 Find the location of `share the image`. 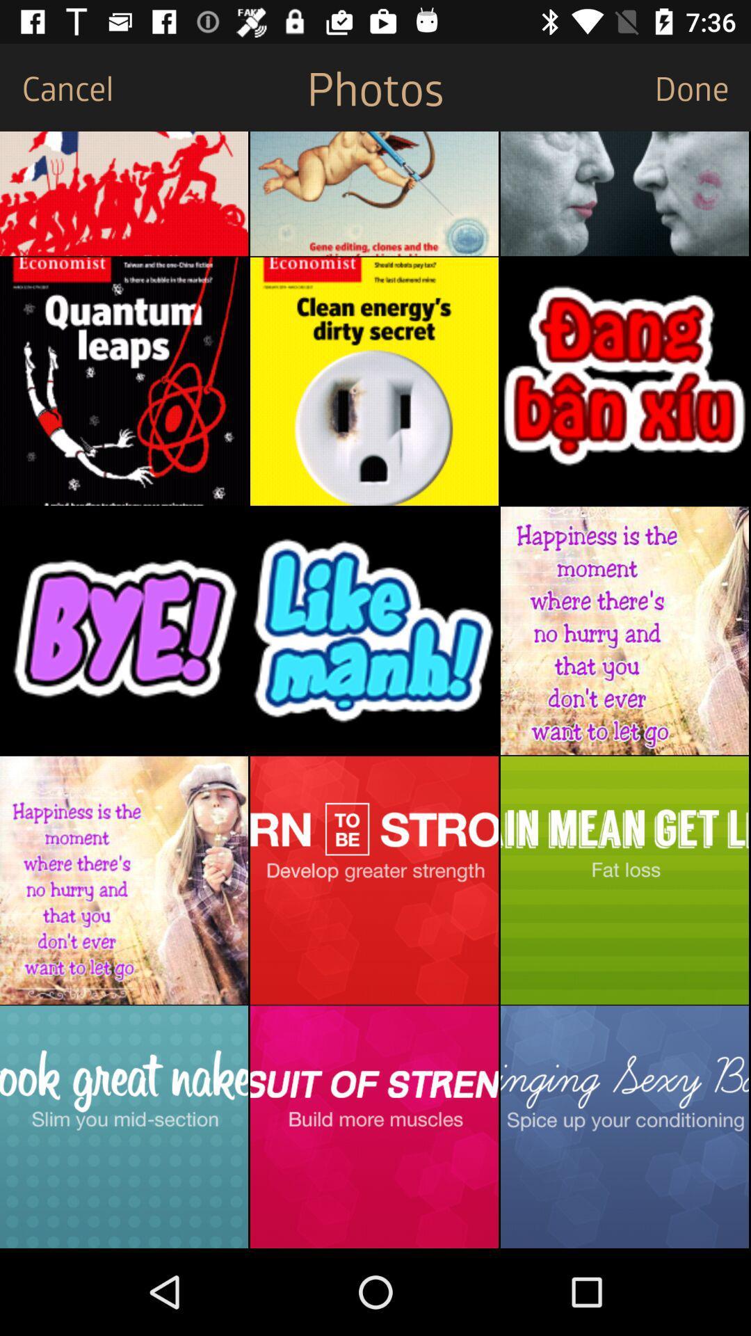

share the image is located at coordinates (373, 193).